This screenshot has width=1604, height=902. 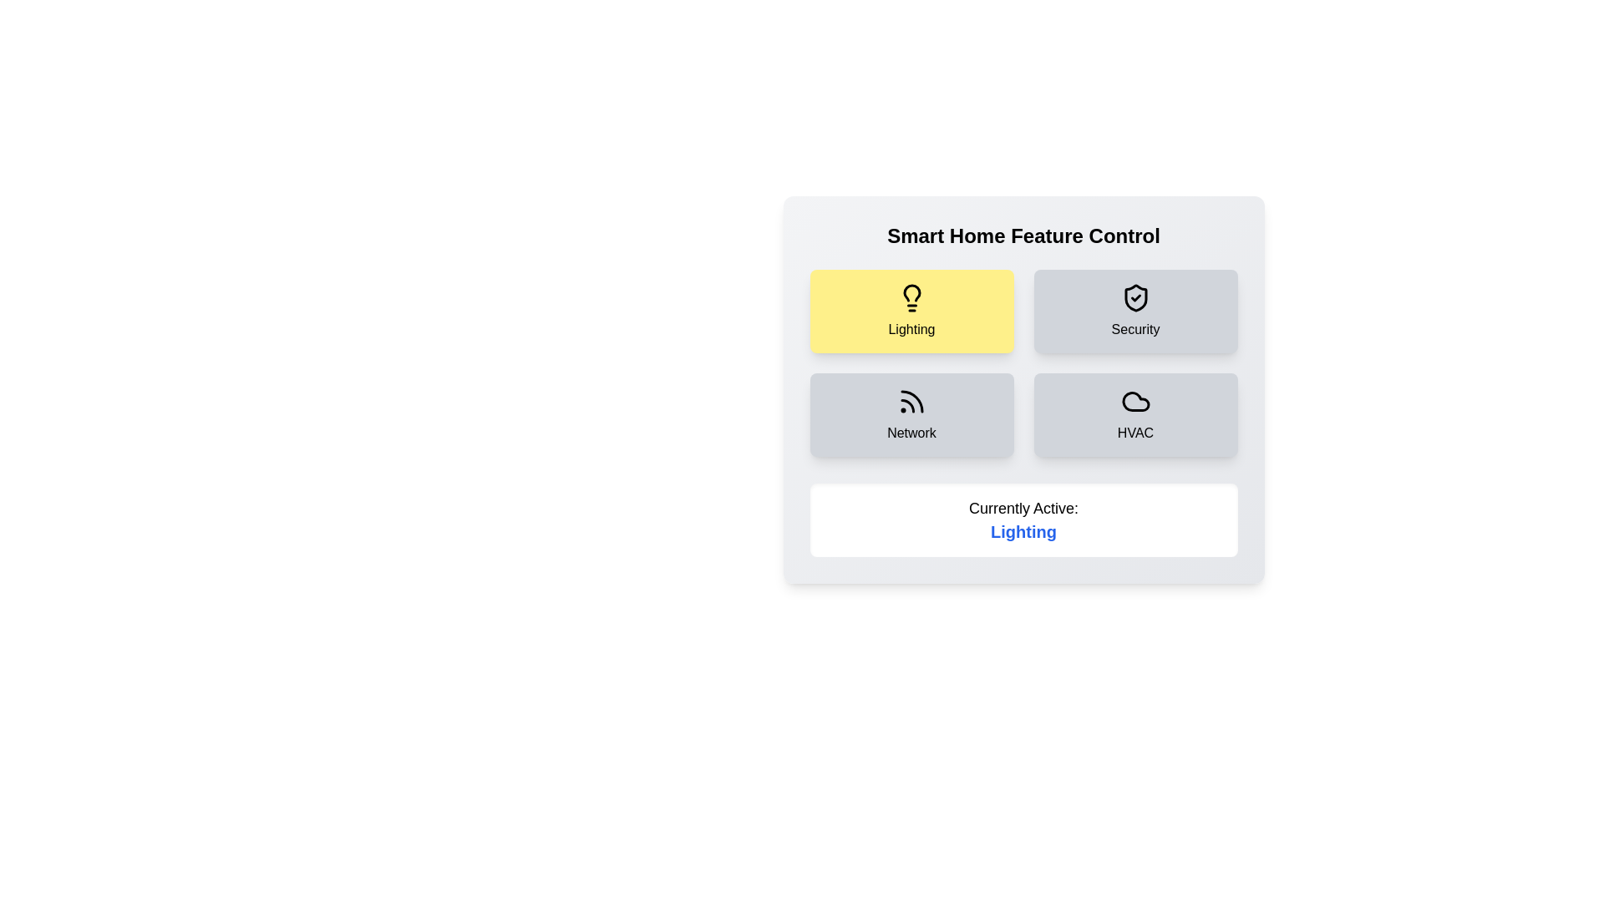 What do you see at coordinates (911, 312) in the screenshot?
I see `the Lighting button to interact with the component layout` at bounding box center [911, 312].